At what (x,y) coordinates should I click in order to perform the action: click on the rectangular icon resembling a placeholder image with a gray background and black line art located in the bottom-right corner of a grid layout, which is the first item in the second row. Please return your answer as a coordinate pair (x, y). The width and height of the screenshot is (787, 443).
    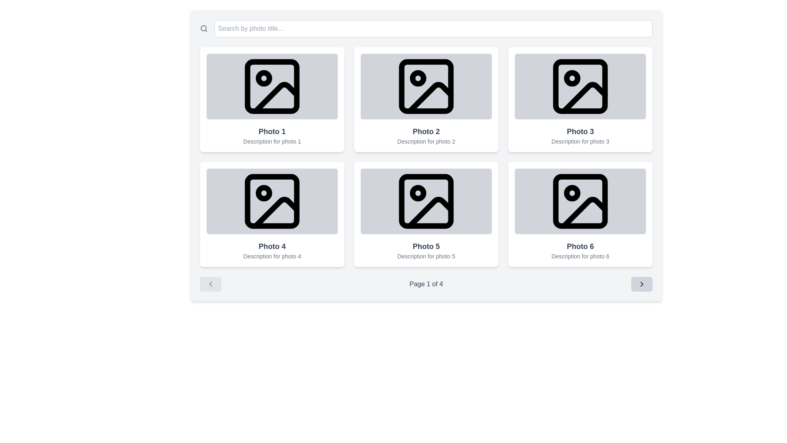
    Looking at the image, I should click on (580, 201).